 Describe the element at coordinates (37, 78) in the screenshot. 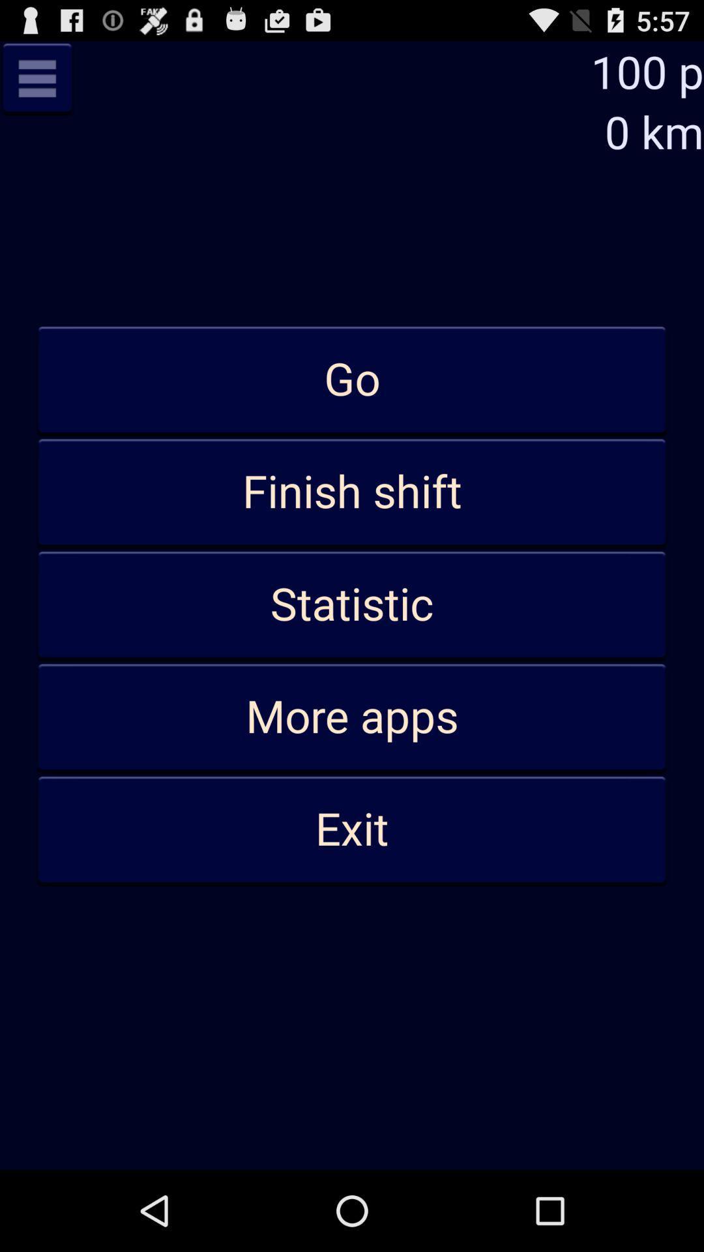

I see `the item above go app` at that location.